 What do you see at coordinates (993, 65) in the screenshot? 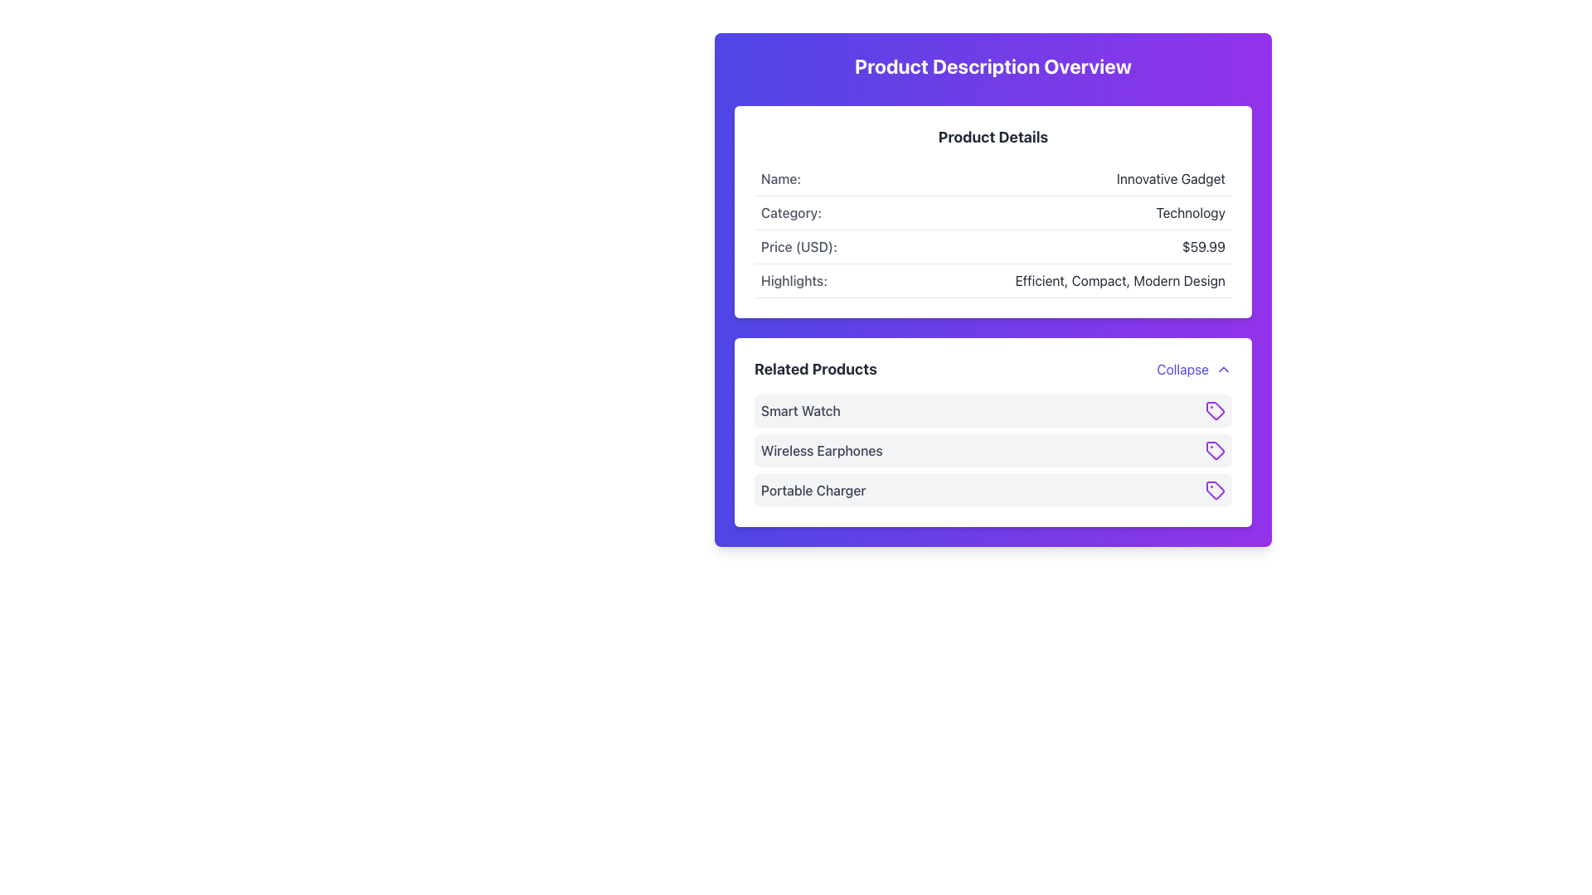
I see `the Text Header that serves as a title for the section, located above the 'Product Details' section` at bounding box center [993, 65].